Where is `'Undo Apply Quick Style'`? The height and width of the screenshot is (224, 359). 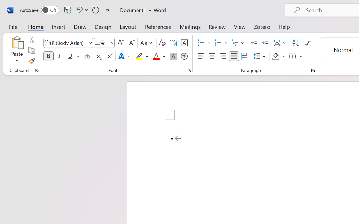
'Undo Apply Quick Style' is located at coordinates (81, 10).